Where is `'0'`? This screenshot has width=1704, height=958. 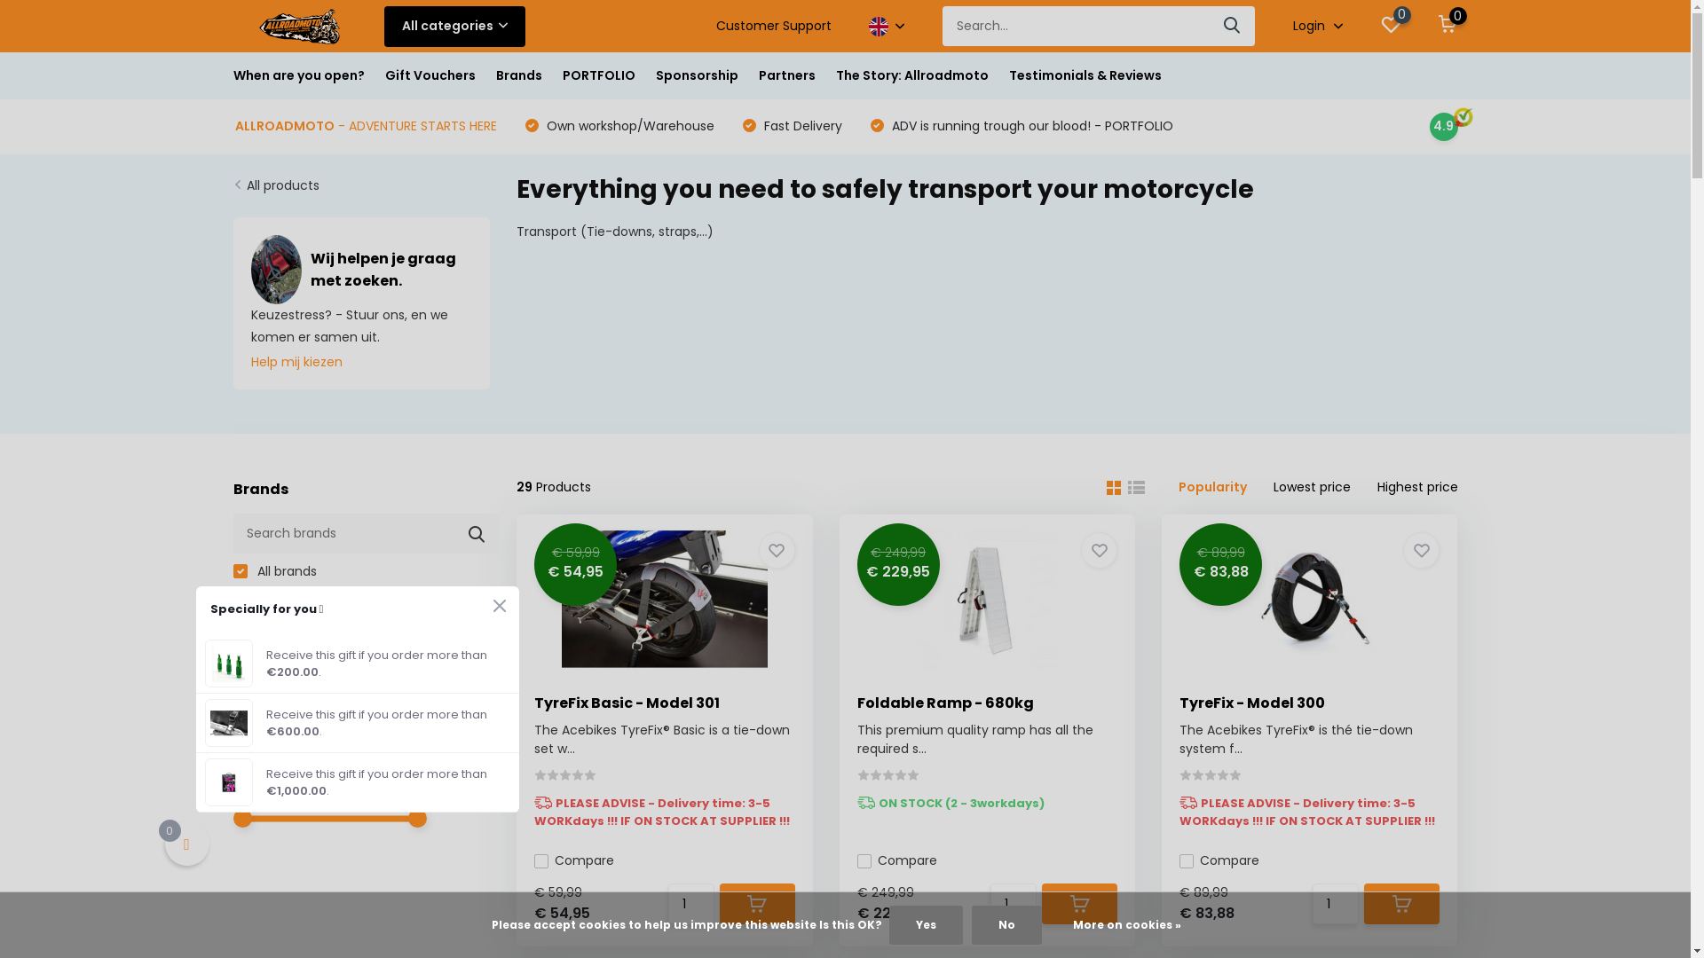
'0' is located at coordinates (1389, 27).